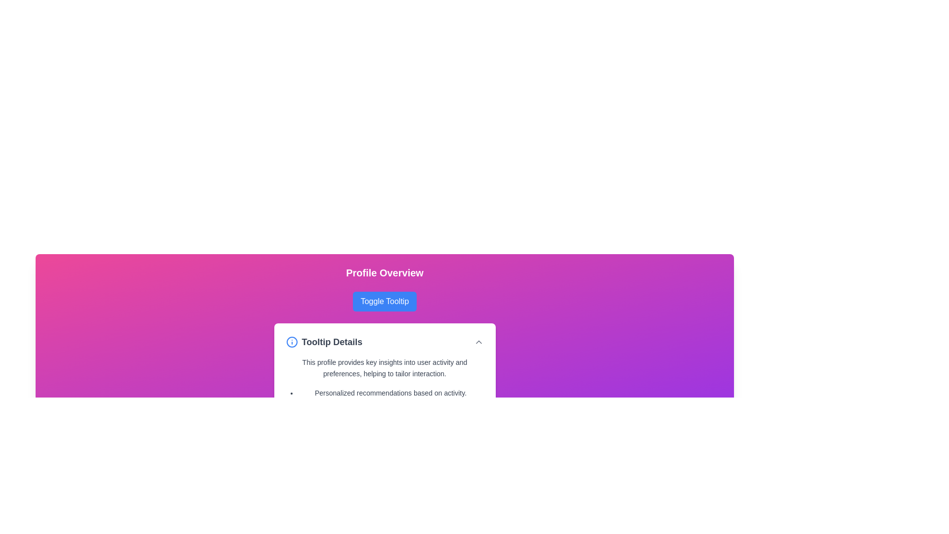  What do you see at coordinates (390, 392) in the screenshot?
I see `text element that contains 'Personalized recommendations based on activity.' which is the first item in the bulleted list of the 'Tooltip Details' section` at bounding box center [390, 392].